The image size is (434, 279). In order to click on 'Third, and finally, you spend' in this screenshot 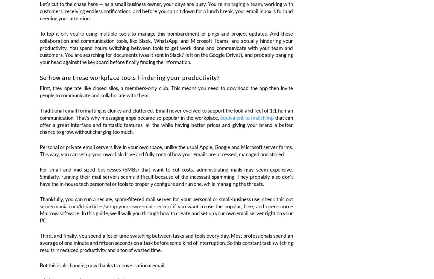, I will do `click(71, 239)`.